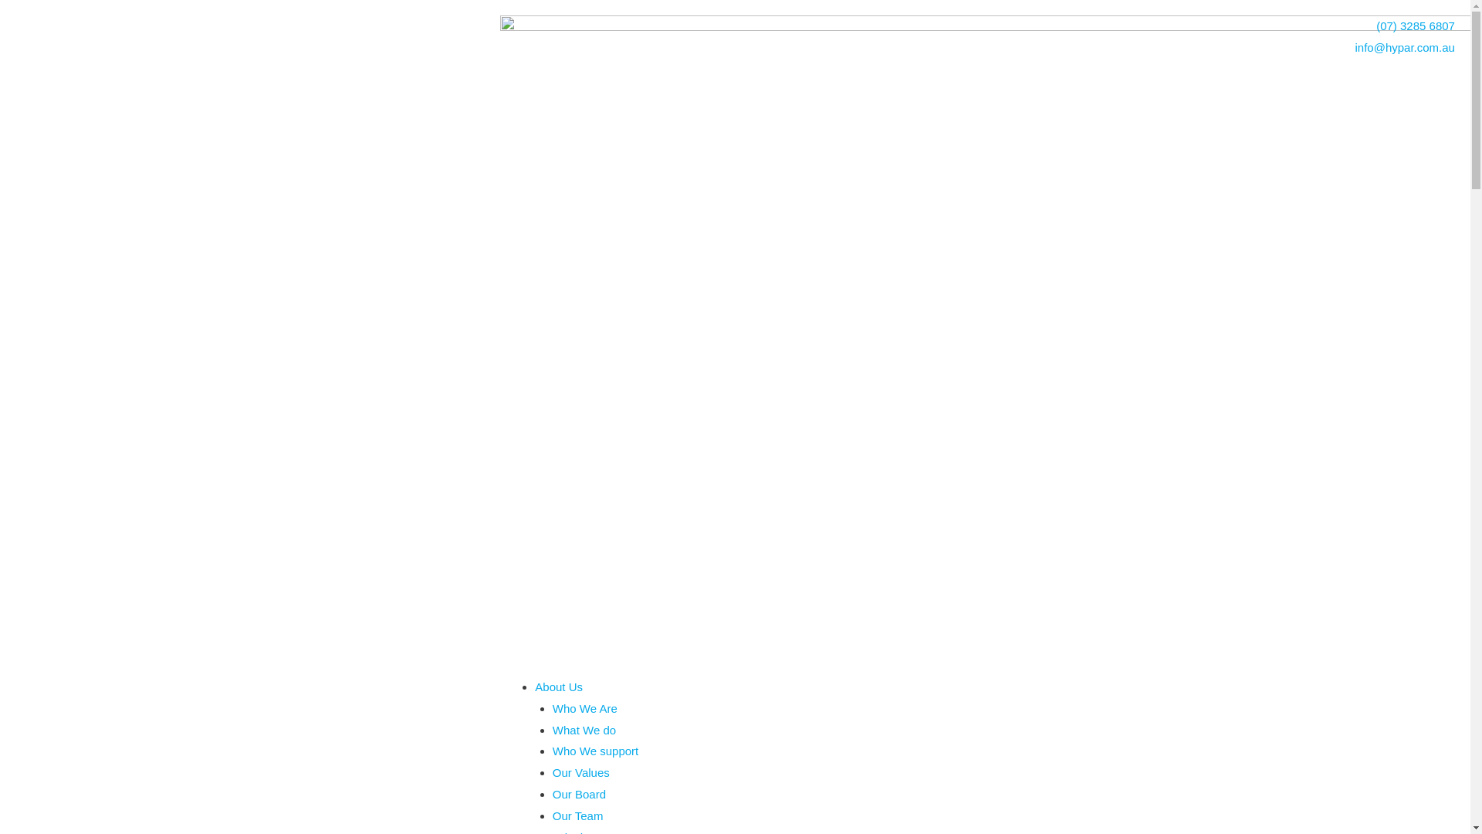 Image resolution: width=1482 pixels, height=834 pixels. Describe the element at coordinates (578, 794) in the screenshot. I see `'Our Board'` at that location.